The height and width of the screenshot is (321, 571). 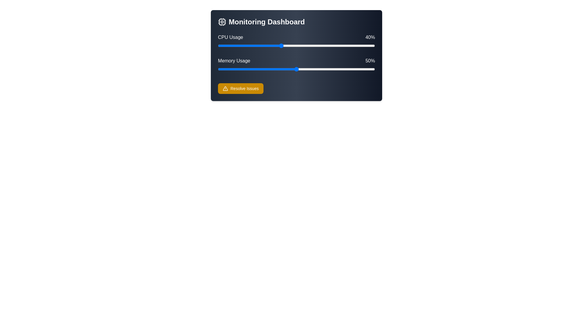 What do you see at coordinates (365, 69) in the screenshot?
I see `Memory Usage` at bounding box center [365, 69].